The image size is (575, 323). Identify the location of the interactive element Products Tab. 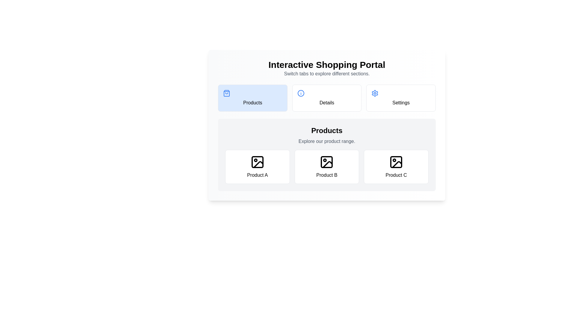
(252, 97).